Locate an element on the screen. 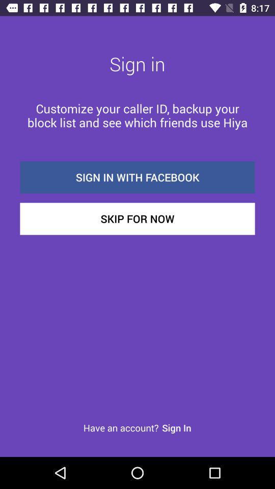 The height and width of the screenshot is (489, 275). icon above sign in with icon is located at coordinates (137, 115).